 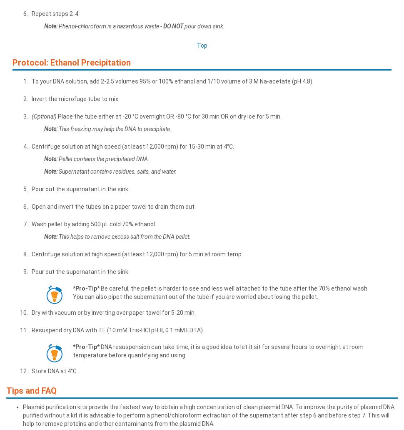 I want to click on 'Be careful, the pellet is harder to see and less well attached to the tube after the 70% ethanol wash. You can also pipet the supernatant out of the tube if you are worried about losing the pellet.', so click(x=220, y=292).